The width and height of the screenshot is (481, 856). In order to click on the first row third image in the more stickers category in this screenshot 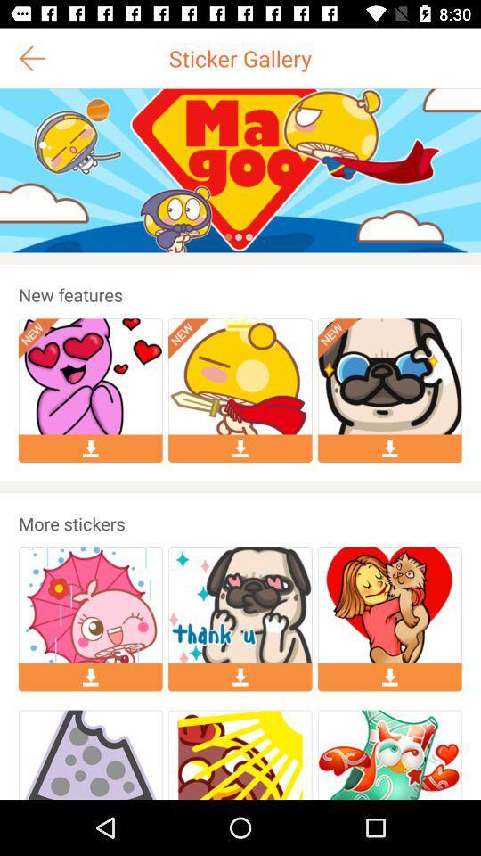, I will do `click(388, 605)`.